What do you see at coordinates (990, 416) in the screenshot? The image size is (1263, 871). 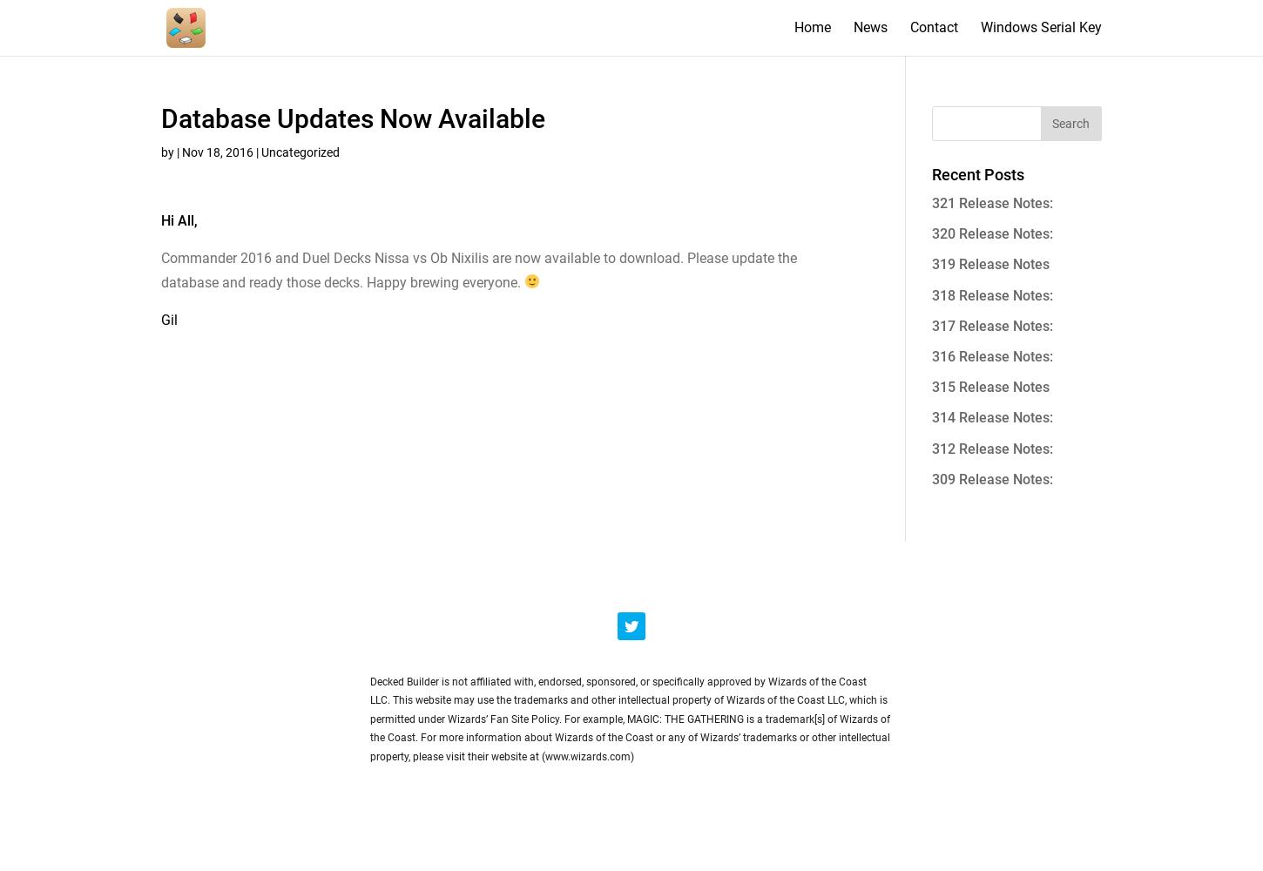 I see `'314 Release Notes:'` at bounding box center [990, 416].